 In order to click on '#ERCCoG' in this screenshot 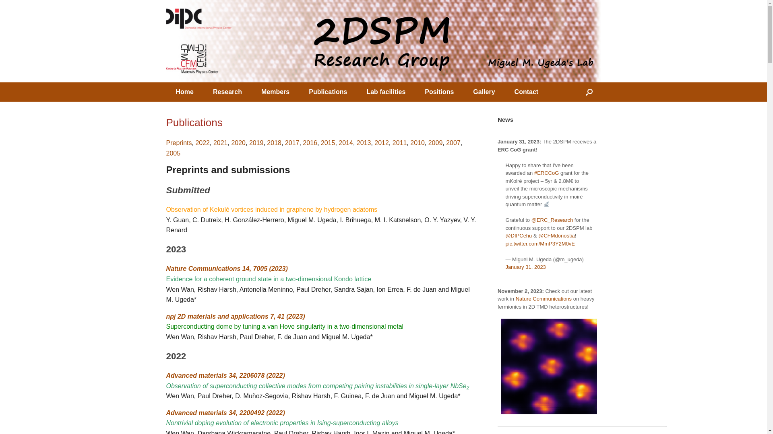, I will do `click(534, 172)`.